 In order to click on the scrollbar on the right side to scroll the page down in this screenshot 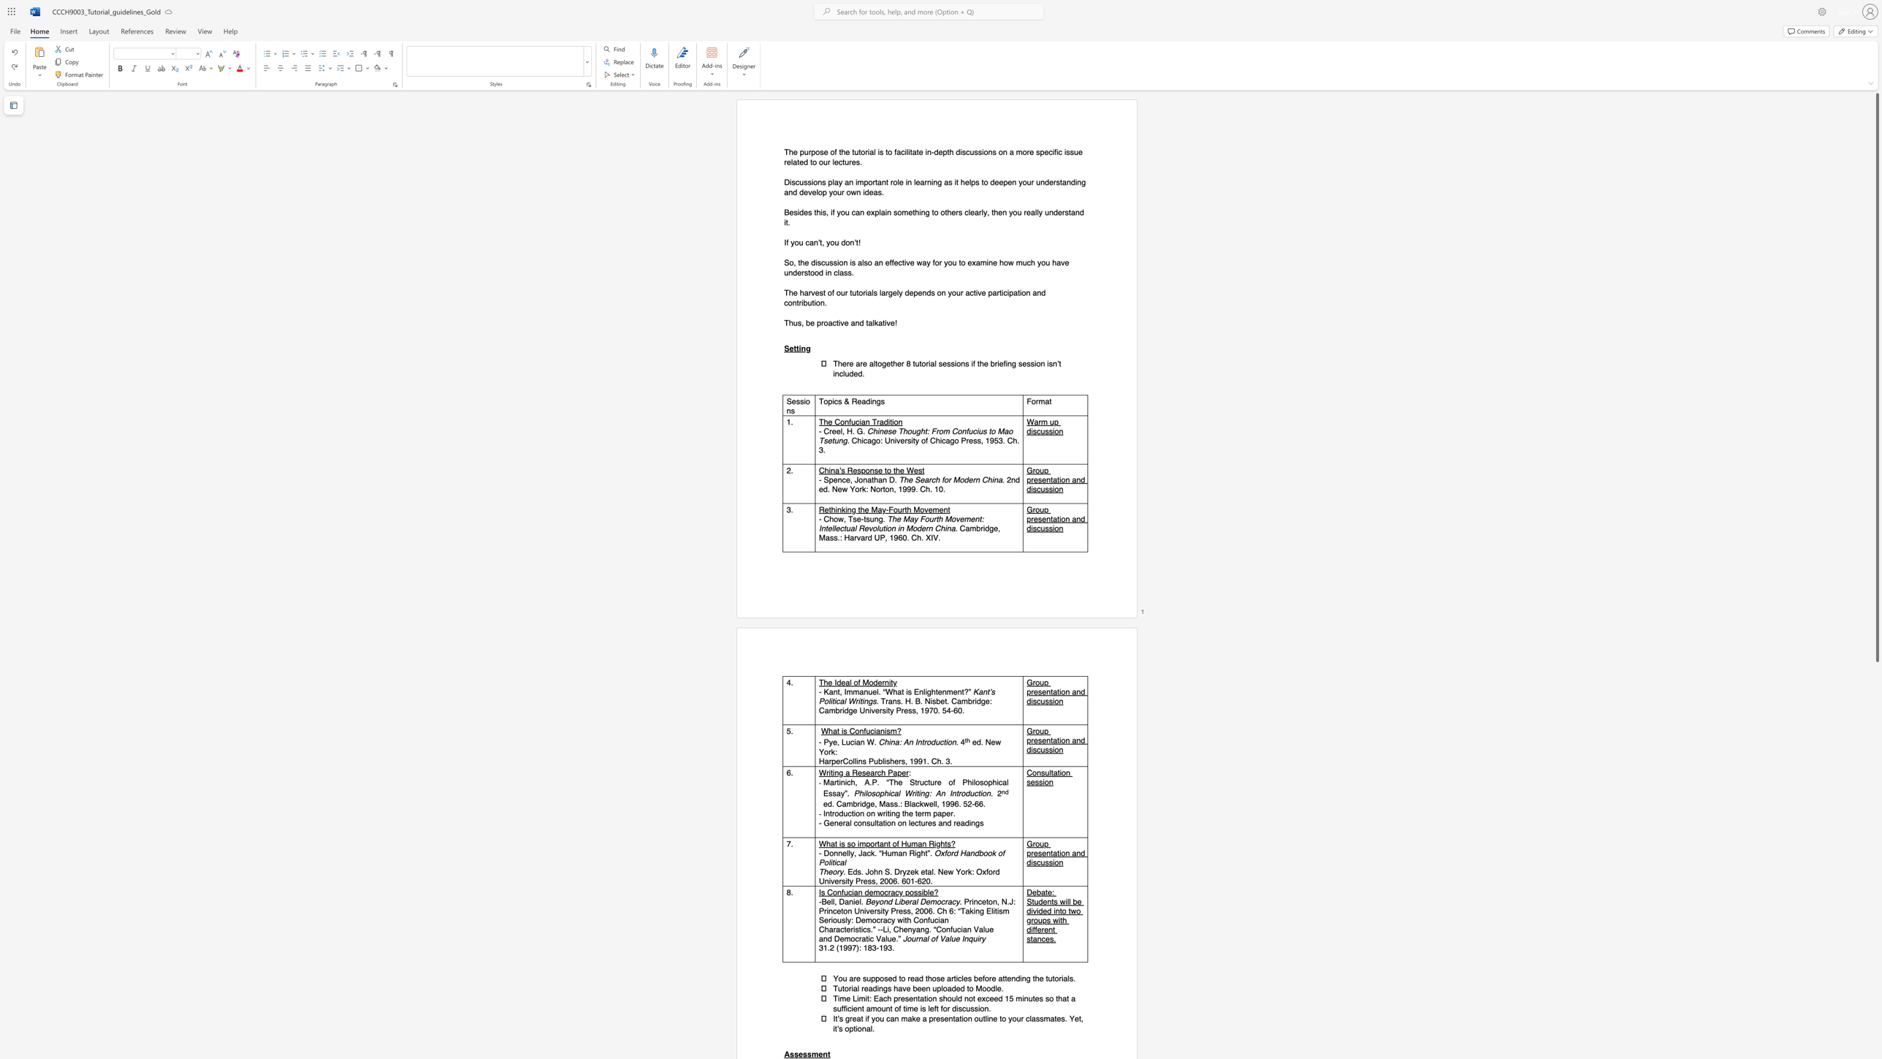, I will do `click(1876, 686)`.